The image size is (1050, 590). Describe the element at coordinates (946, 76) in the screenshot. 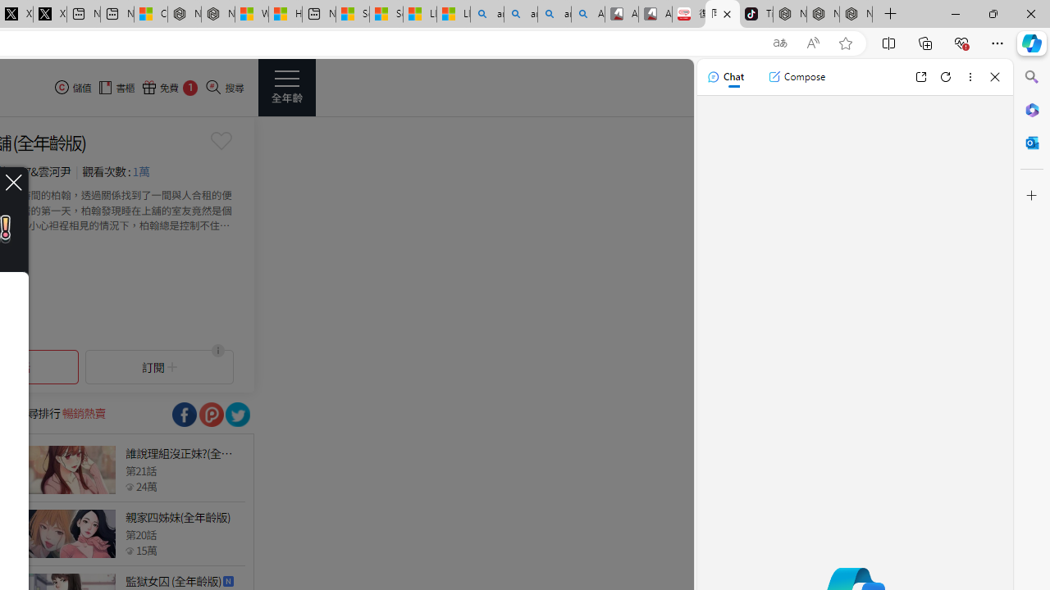

I see `'Refresh'` at that location.